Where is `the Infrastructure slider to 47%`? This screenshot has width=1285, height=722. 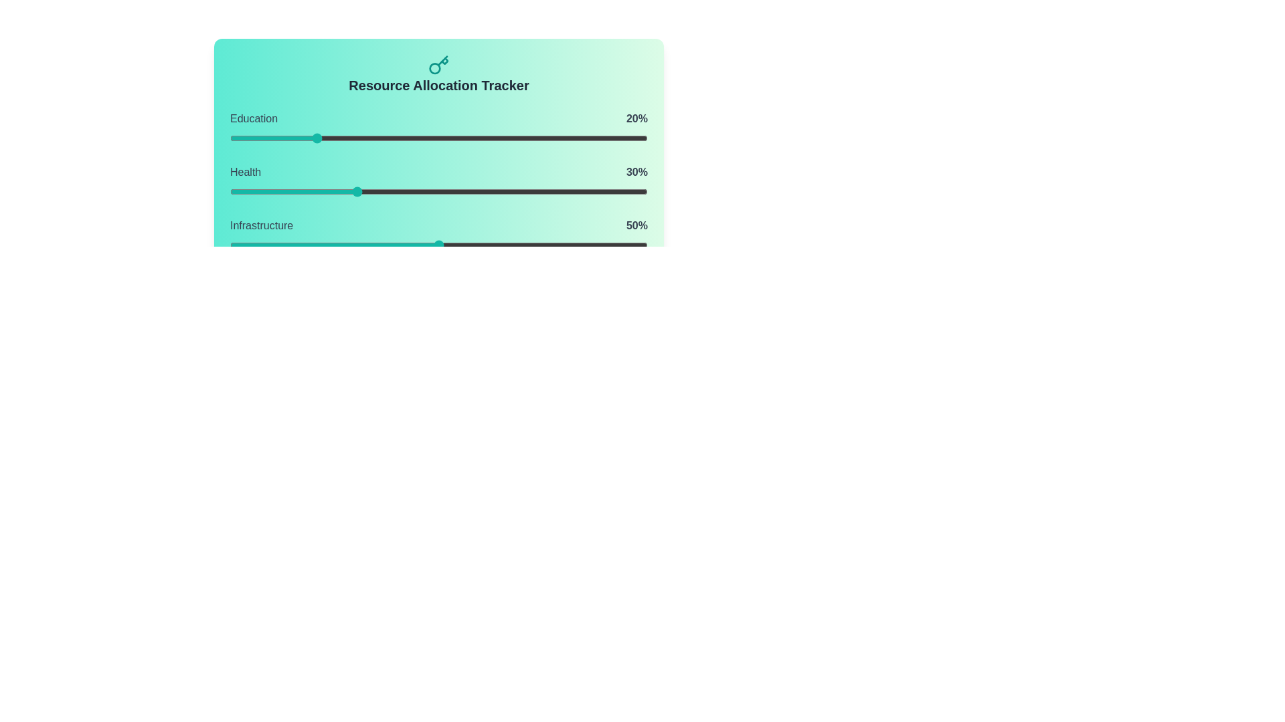 the Infrastructure slider to 47% is located at coordinates (426, 245).